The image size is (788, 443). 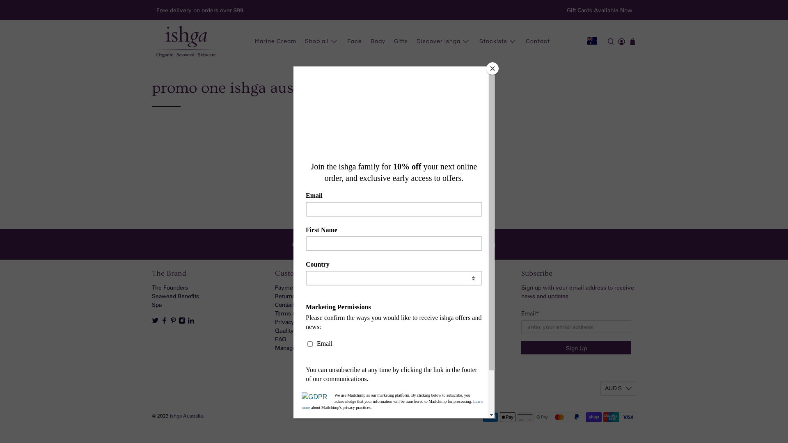 I want to click on 'ishga Australia', so click(x=169, y=416).